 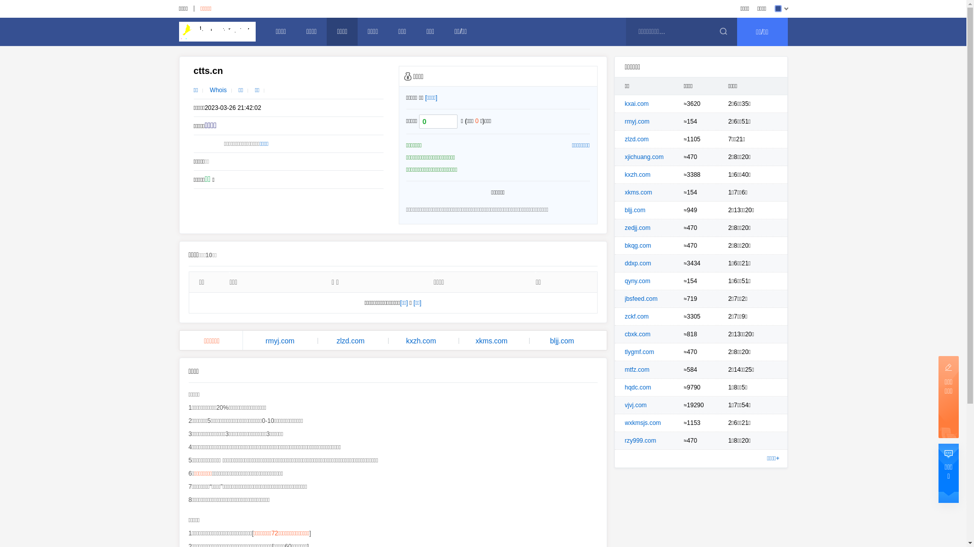 What do you see at coordinates (280, 340) in the screenshot?
I see `'rmyj.com'` at bounding box center [280, 340].